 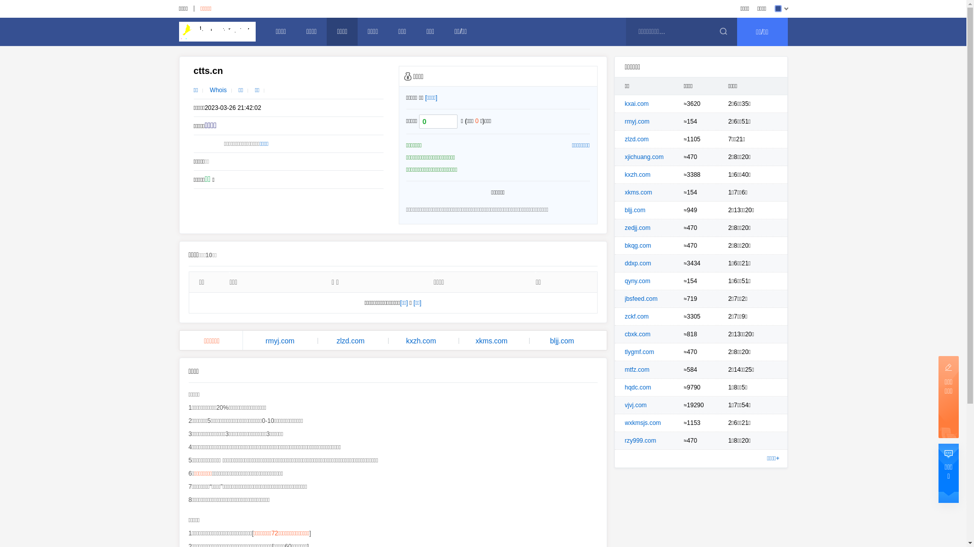 What do you see at coordinates (280, 340) in the screenshot?
I see `'rmyj.com'` at bounding box center [280, 340].